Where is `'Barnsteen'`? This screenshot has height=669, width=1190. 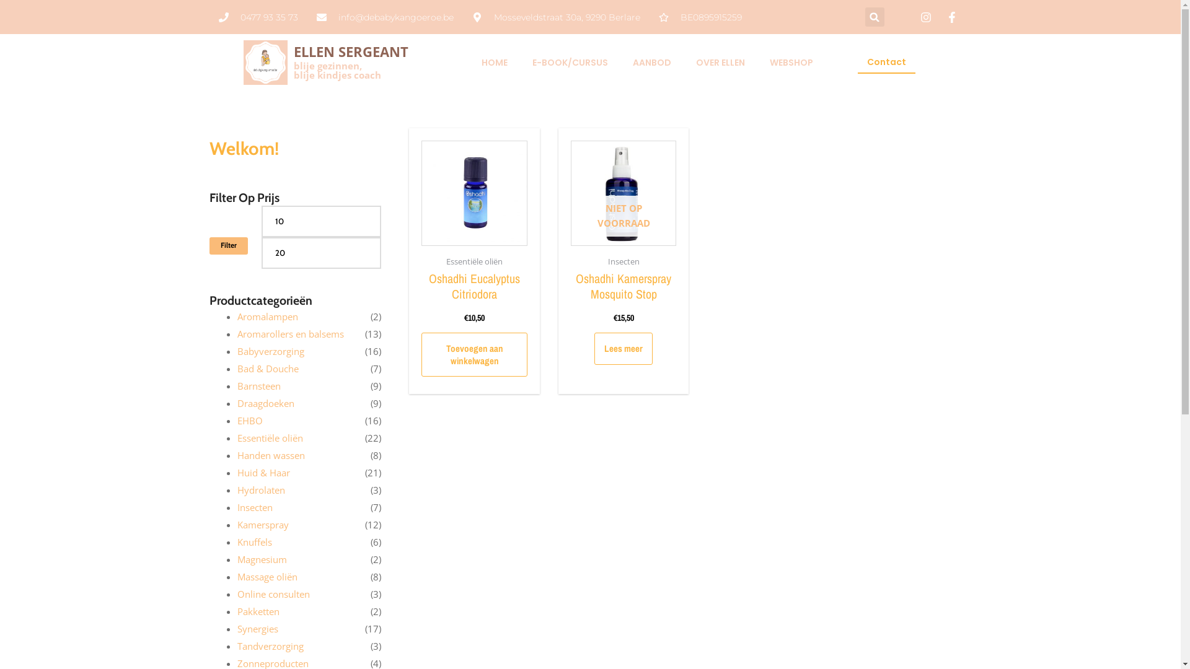 'Barnsteen' is located at coordinates (258, 385).